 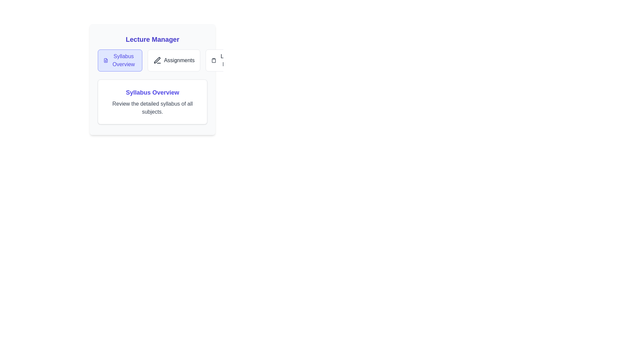 I want to click on the text element that reads 'Review the detailed syllabus of all subjects.' which is located below the header 'Syllabus Overview.', so click(x=152, y=108).